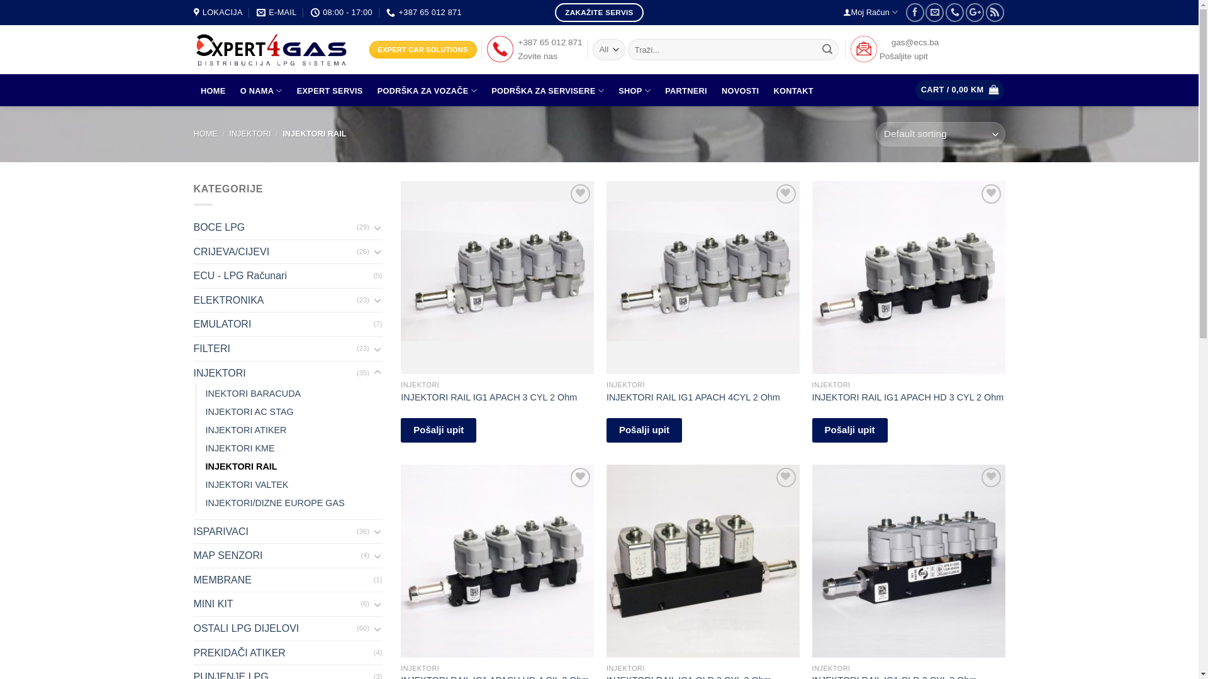 The width and height of the screenshot is (1208, 679). Describe the element at coordinates (685, 91) in the screenshot. I see `'PARTNERI'` at that location.